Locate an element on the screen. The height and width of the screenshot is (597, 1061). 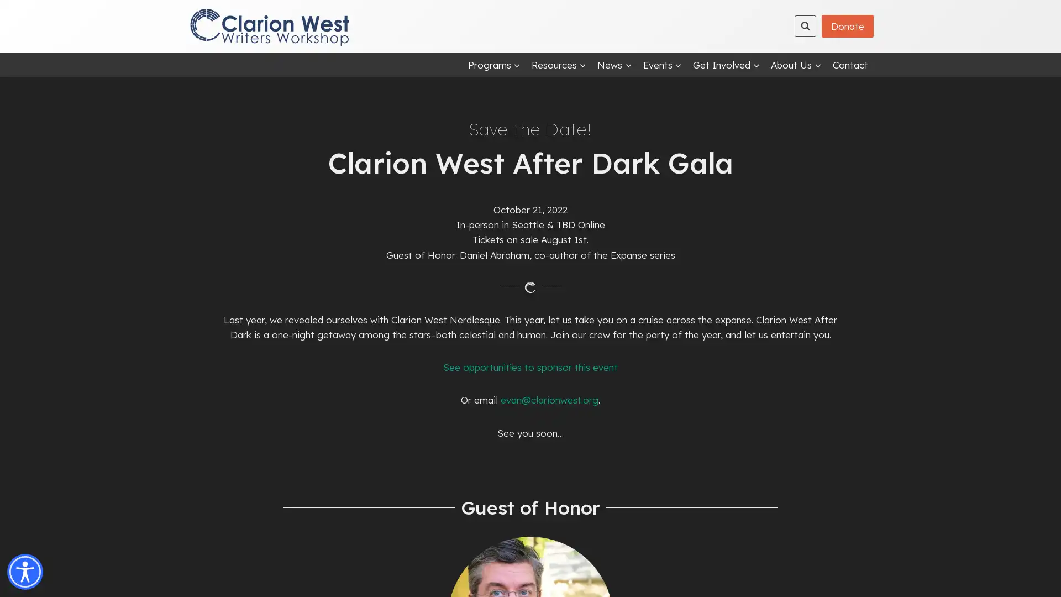
View Search Form is located at coordinates (805, 25).